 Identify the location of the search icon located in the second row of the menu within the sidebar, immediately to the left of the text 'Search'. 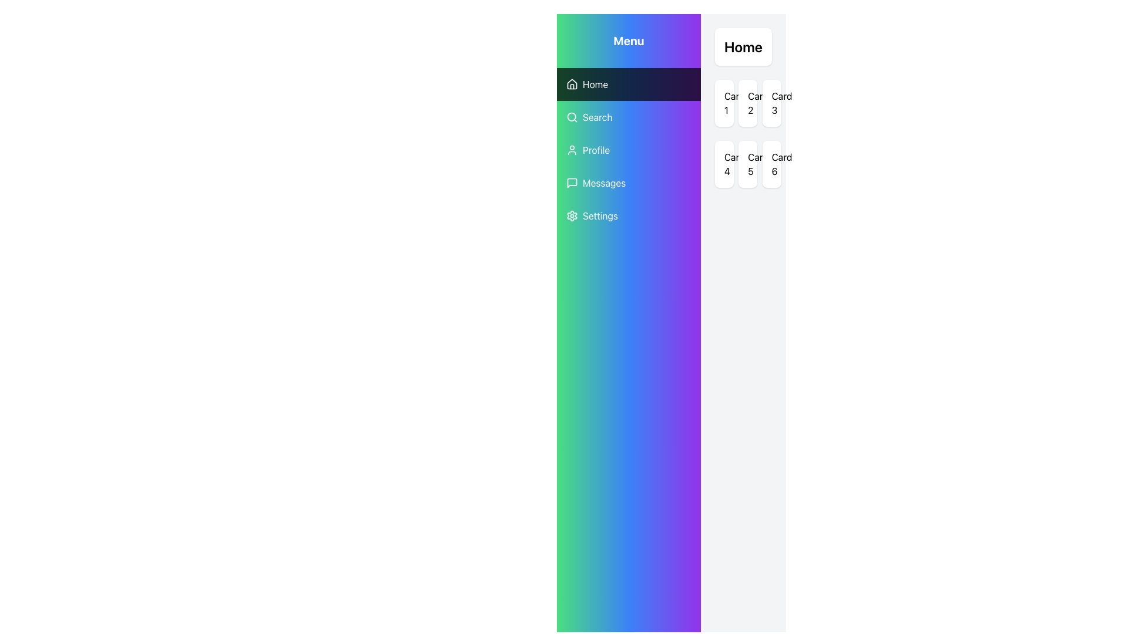
(572, 117).